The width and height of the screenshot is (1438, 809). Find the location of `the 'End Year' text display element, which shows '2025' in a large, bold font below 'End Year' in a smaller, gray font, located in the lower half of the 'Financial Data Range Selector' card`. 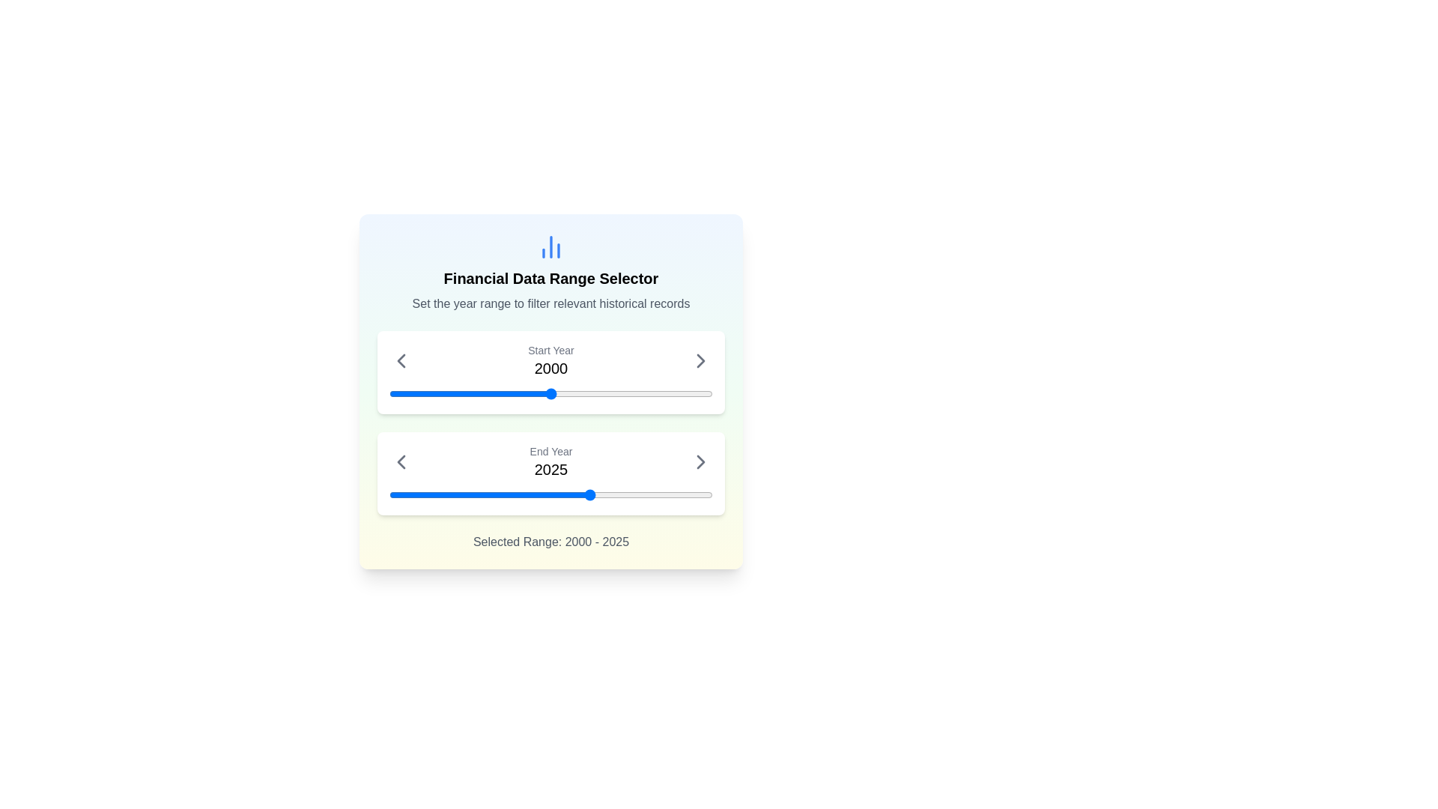

the 'End Year' text display element, which shows '2025' in a large, bold font below 'End Year' in a smaller, gray font, located in the lower half of the 'Financial Data Range Selector' card is located at coordinates (550, 461).